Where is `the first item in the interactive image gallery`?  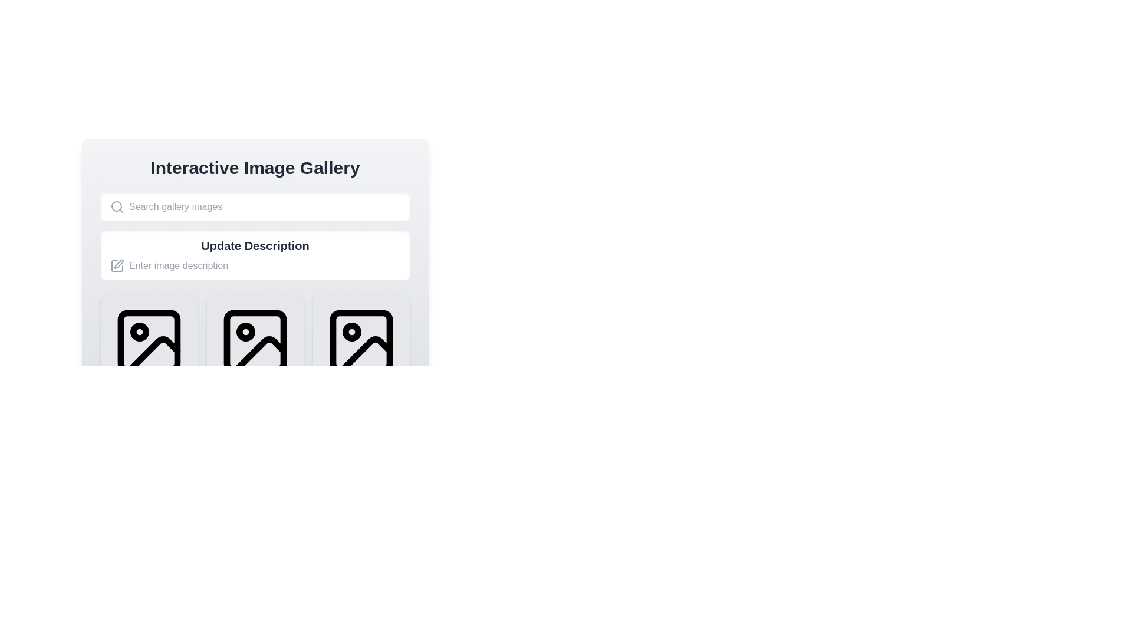
the first item in the interactive image gallery is located at coordinates (149, 359).